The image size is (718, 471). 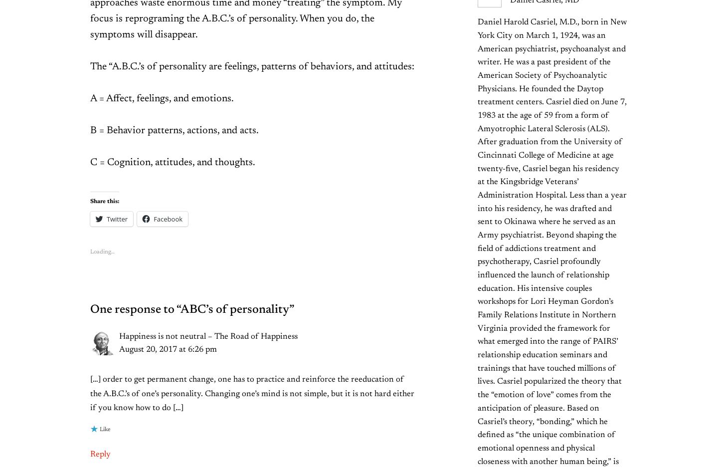 What do you see at coordinates (175, 130) in the screenshot?
I see `'B = Behavior patterns, actions, and acts.'` at bounding box center [175, 130].